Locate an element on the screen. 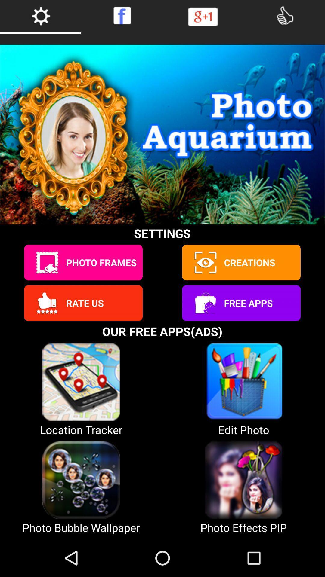 This screenshot has height=577, width=325. like us is located at coordinates (284, 16).